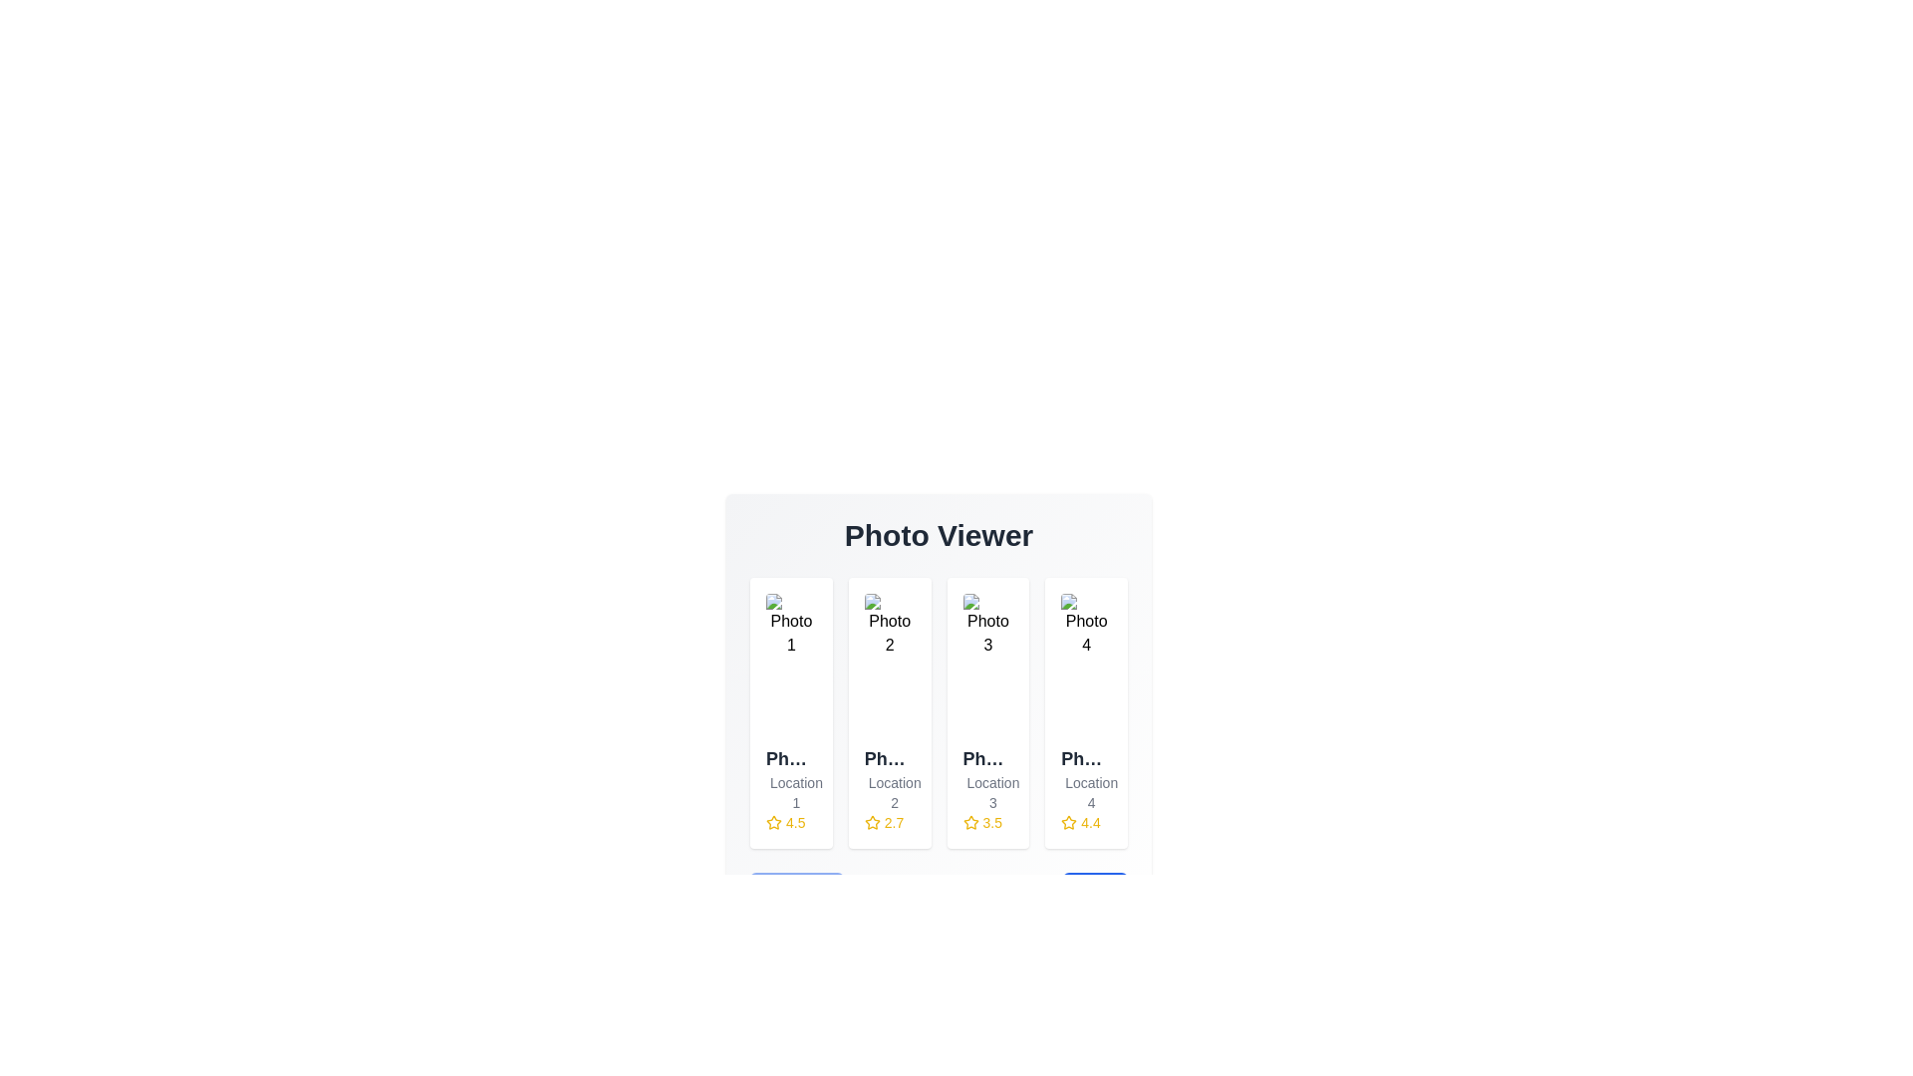  What do you see at coordinates (790, 791) in the screenshot?
I see `the static text element labeled 'Location 1', which is styled in gray font and located within a card layout, positioned below 'Photo 1' and above a rating indicator` at bounding box center [790, 791].